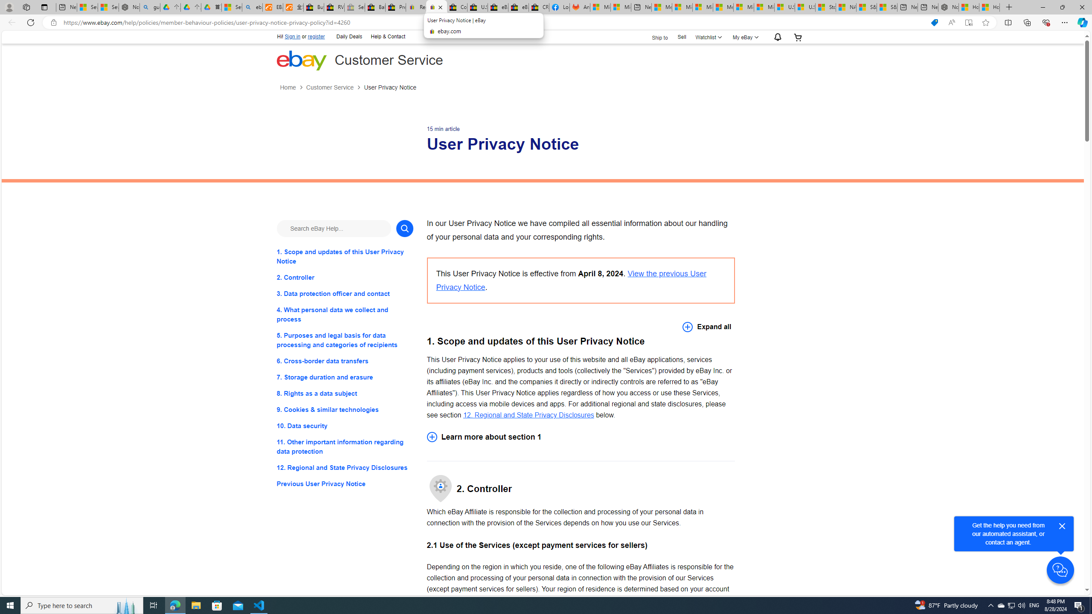 The width and height of the screenshot is (1092, 614). Describe the element at coordinates (457, 7) in the screenshot. I see `'Consumer Health Data Privacy Policy - eBay Inc.'` at that location.